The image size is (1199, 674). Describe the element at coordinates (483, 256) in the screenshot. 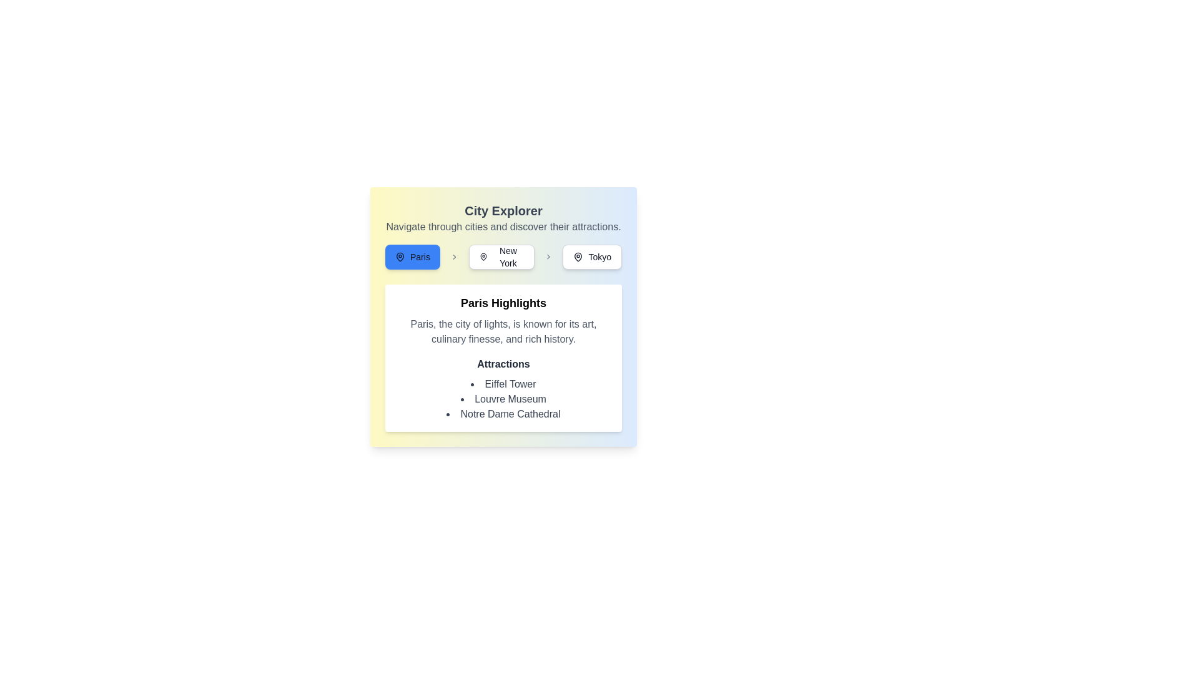

I see `the decorative location icon within the 'Paris' button located at the top left section of the navigation interface` at that location.